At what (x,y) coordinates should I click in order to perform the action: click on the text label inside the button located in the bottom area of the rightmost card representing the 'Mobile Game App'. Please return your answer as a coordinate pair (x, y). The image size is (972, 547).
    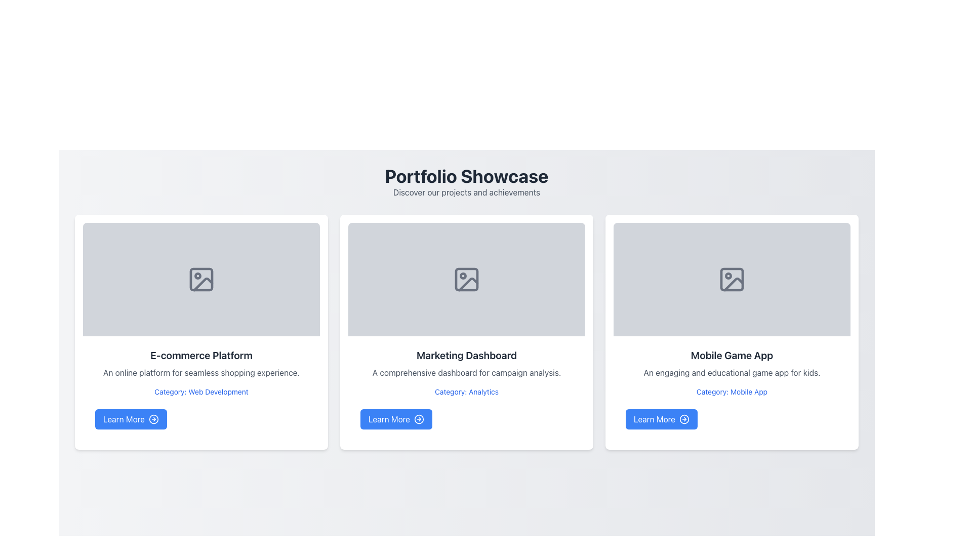
    Looking at the image, I should click on (655, 419).